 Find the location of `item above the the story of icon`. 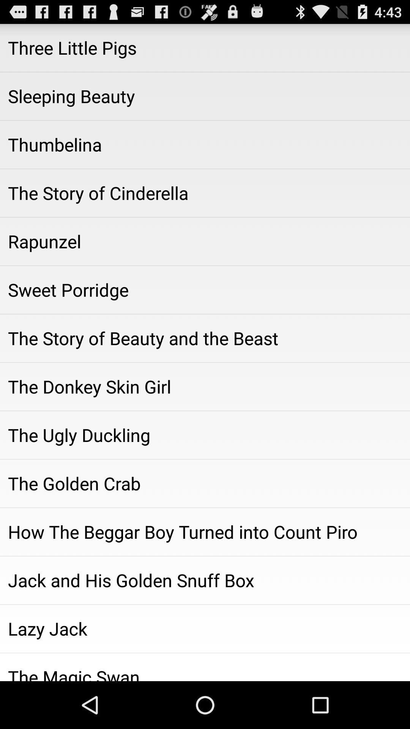

item above the the story of icon is located at coordinates (205, 144).